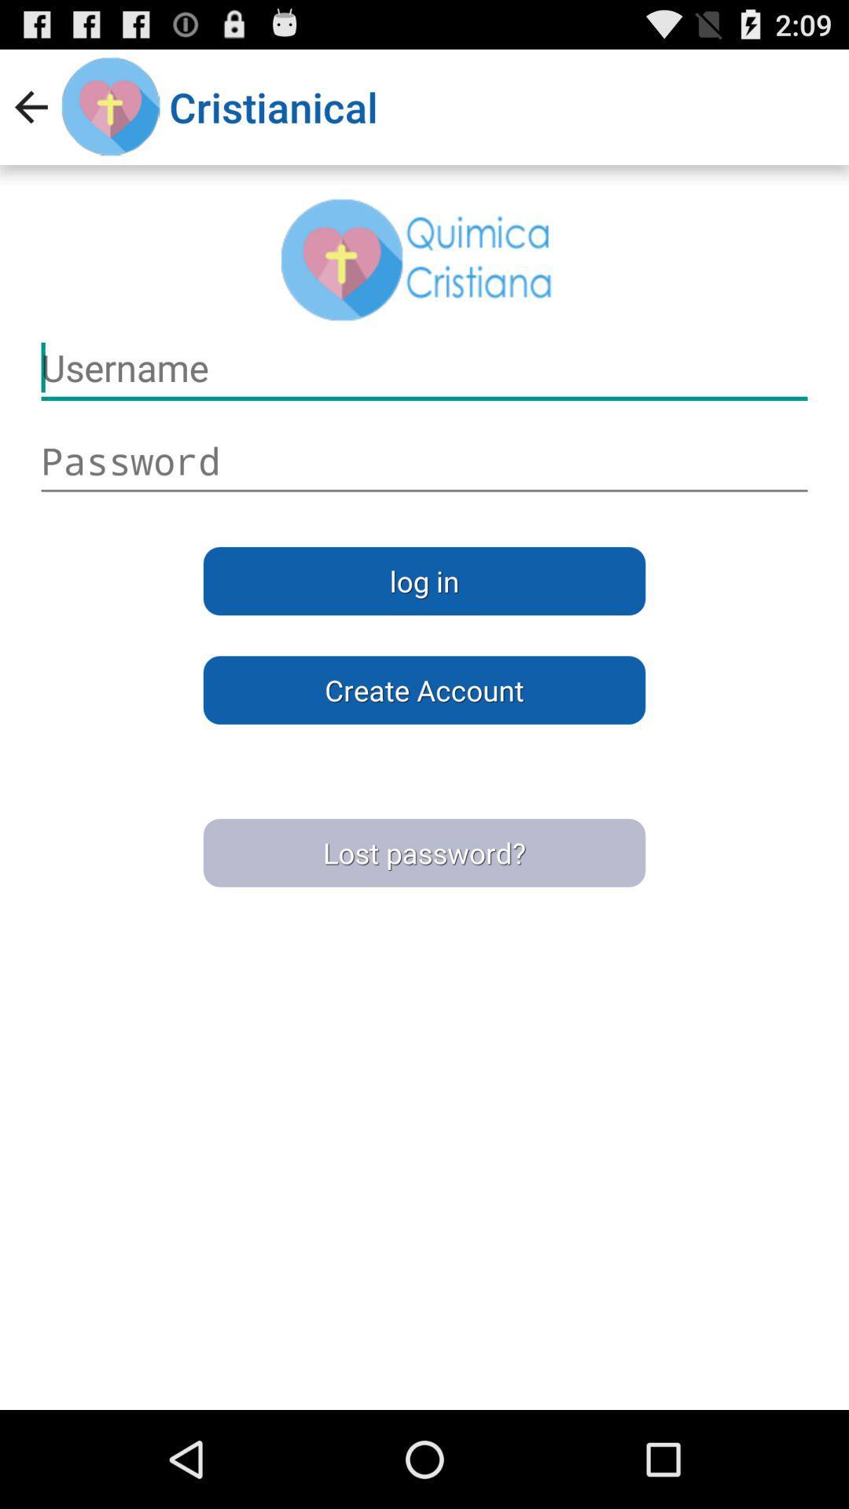 This screenshot has width=849, height=1509. I want to click on entre username, so click(424, 461).